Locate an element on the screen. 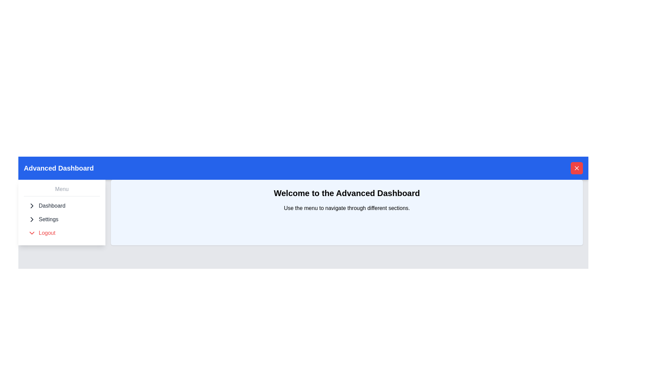 The height and width of the screenshot is (367, 653). the small red square button with a white 'X' icon located in the top-right corner of the header section to trigger hover-specific visual effects is located at coordinates (576, 168).